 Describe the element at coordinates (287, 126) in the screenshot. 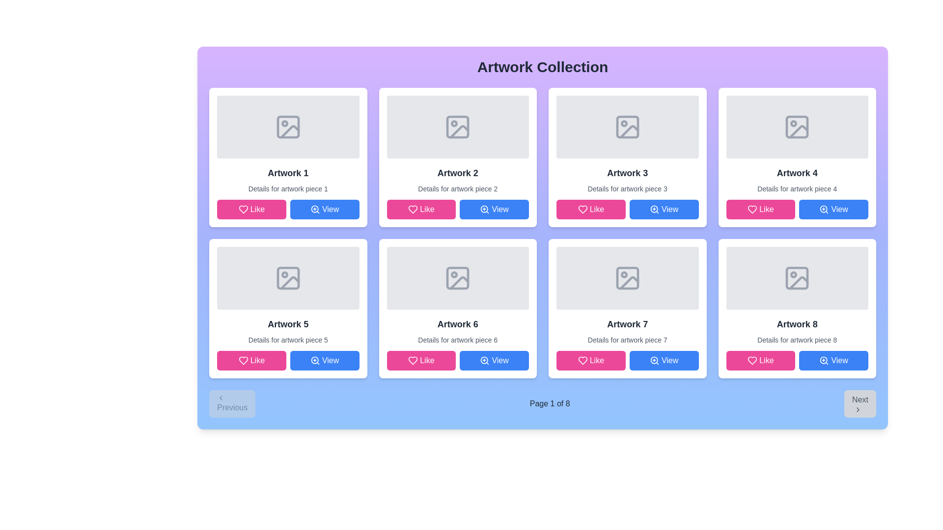

I see `the image placeholder located at the top of the 'Artwork 1' card in the grid layout to interact with it` at that location.